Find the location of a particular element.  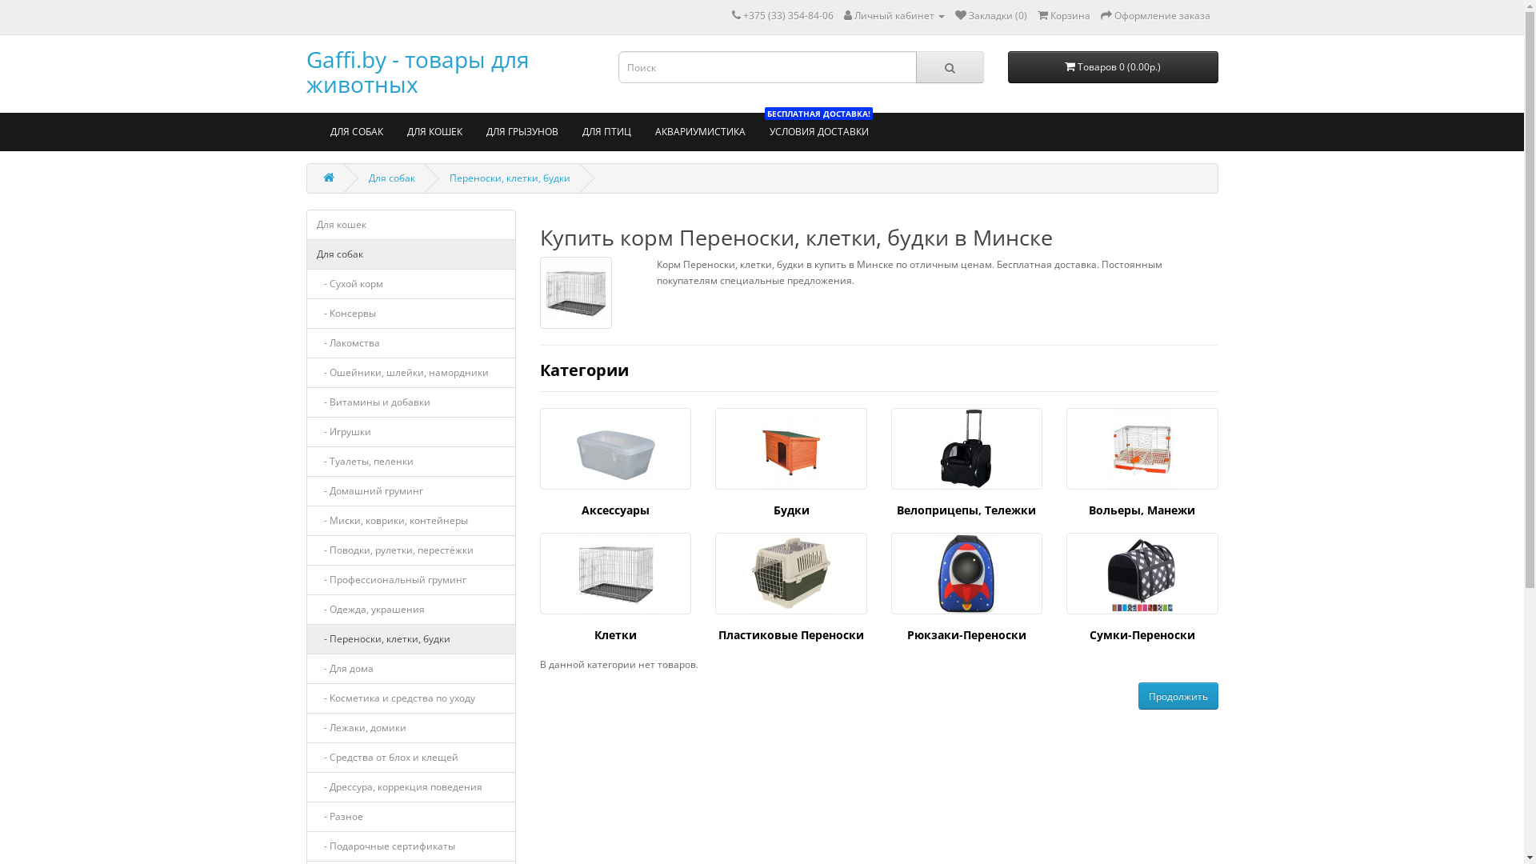

'+375 (33) 354-84-06' is located at coordinates (741, 15).